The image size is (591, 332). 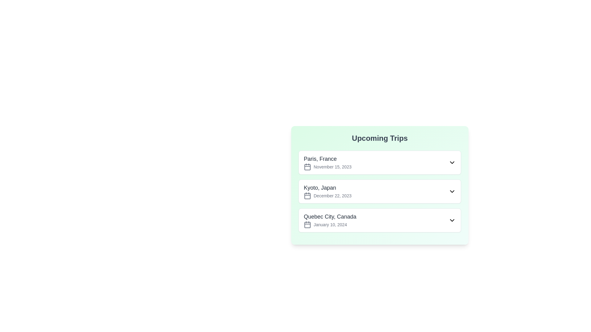 I want to click on date information displayed in the text label showing 'December 22, 2023' under the 'Kyoto, Japan' section, so click(x=327, y=196).